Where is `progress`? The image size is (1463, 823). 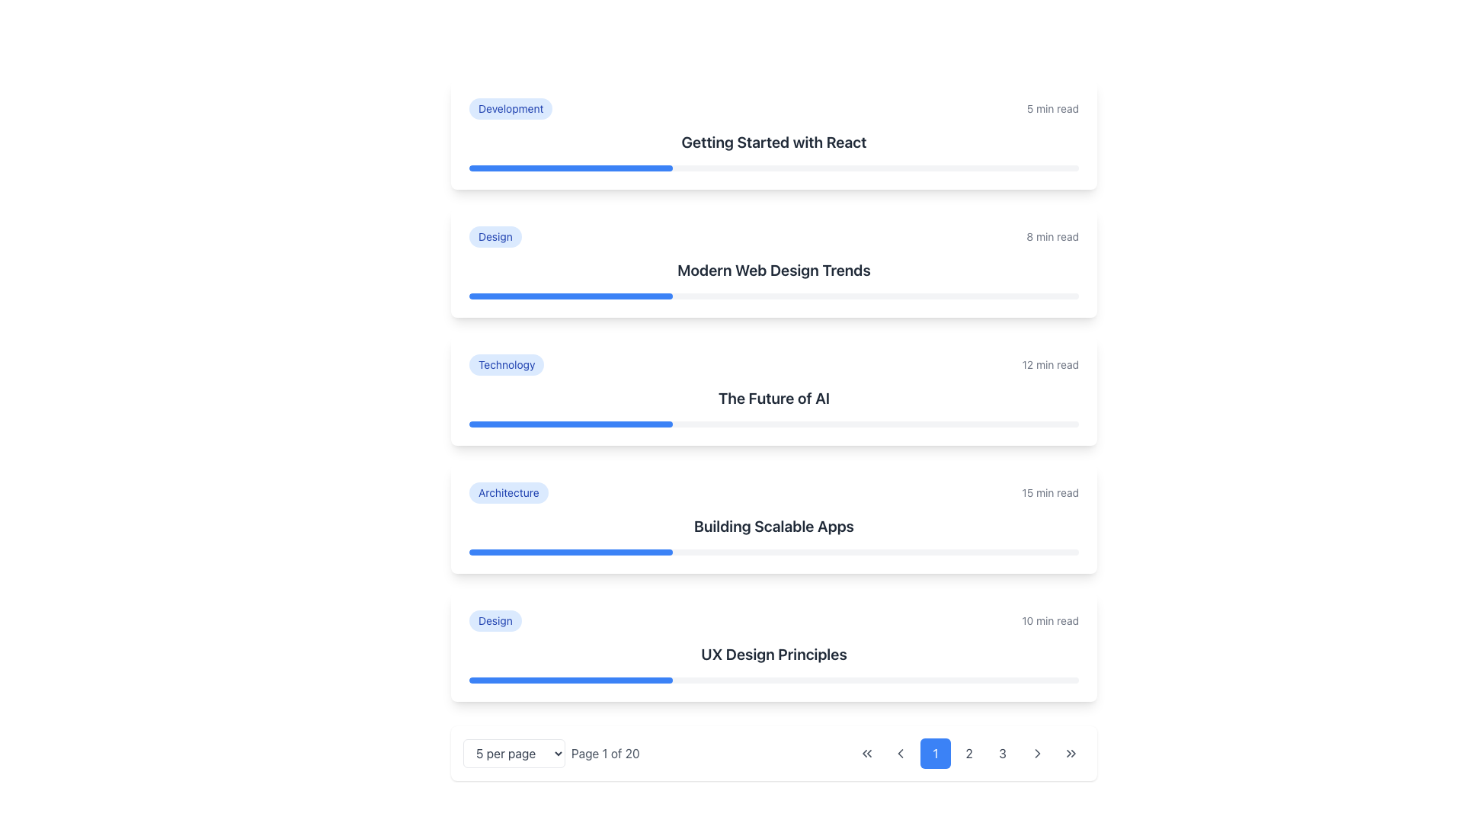
progress is located at coordinates (475, 296).